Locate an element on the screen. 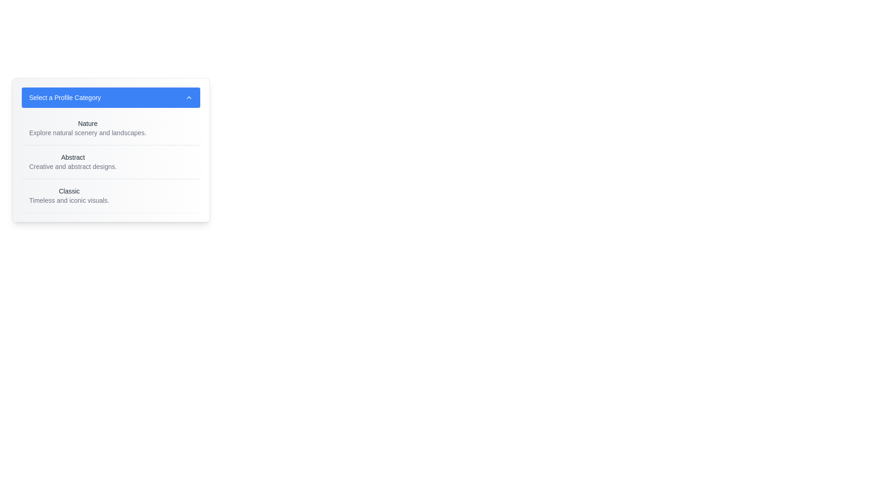 Image resolution: width=890 pixels, height=500 pixels. the category name 'Nature' from the dropdown menu titled 'Select a Profile Category', which is the first item in the list is located at coordinates (88, 123).